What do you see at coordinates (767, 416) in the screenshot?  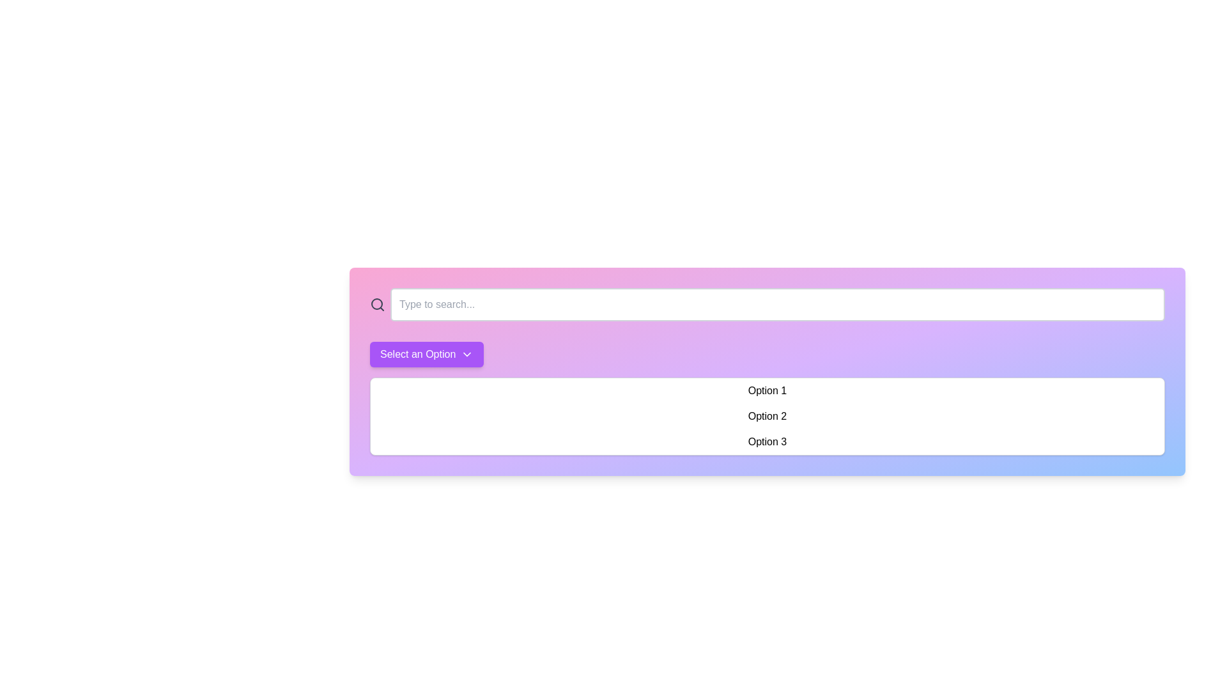 I see `the second item in the vertical list of options, labeled 'Option 2'` at bounding box center [767, 416].